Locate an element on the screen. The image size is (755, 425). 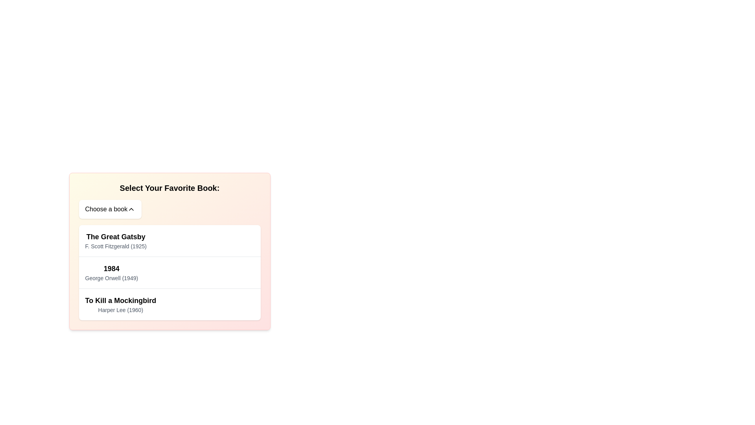
the text label reading 'Choose a book' which is styled in black font and located inside a rectangular button area with a white background in the top portion of a dropdown structure is located at coordinates (106, 209).